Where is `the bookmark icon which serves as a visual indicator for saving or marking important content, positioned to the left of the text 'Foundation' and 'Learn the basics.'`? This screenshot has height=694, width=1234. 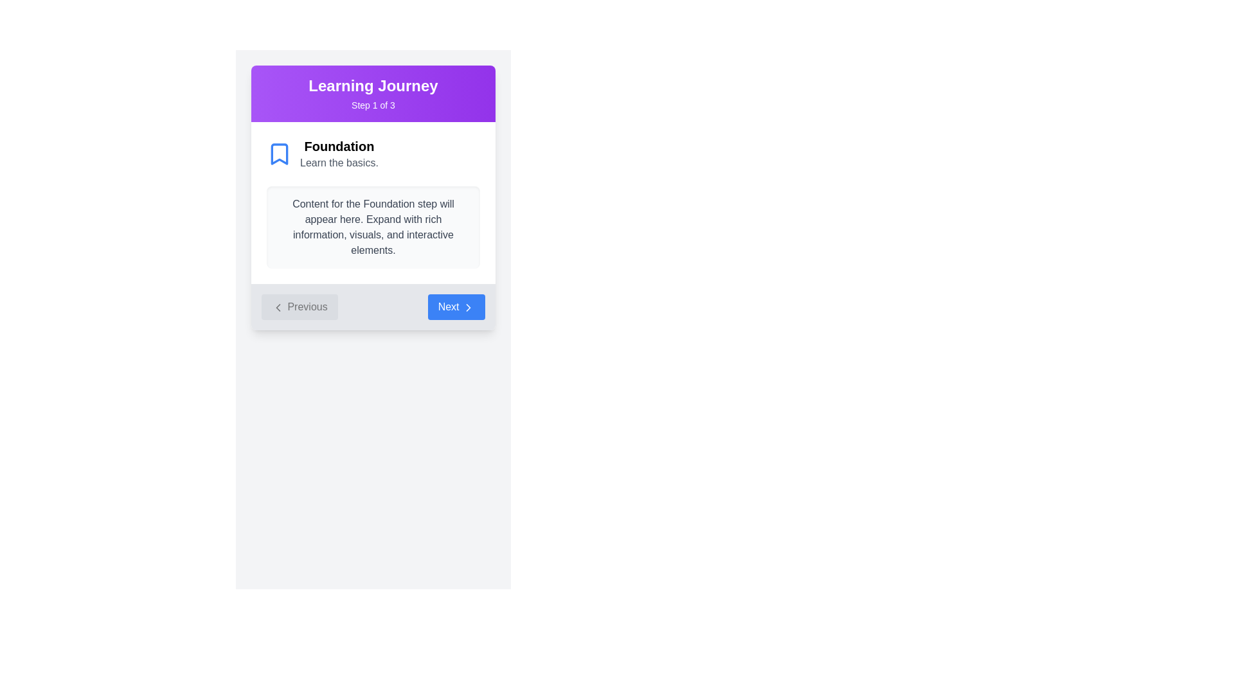
the bookmark icon which serves as a visual indicator for saving or marking important content, positioned to the left of the text 'Foundation' and 'Learn the basics.' is located at coordinates (279, 153).